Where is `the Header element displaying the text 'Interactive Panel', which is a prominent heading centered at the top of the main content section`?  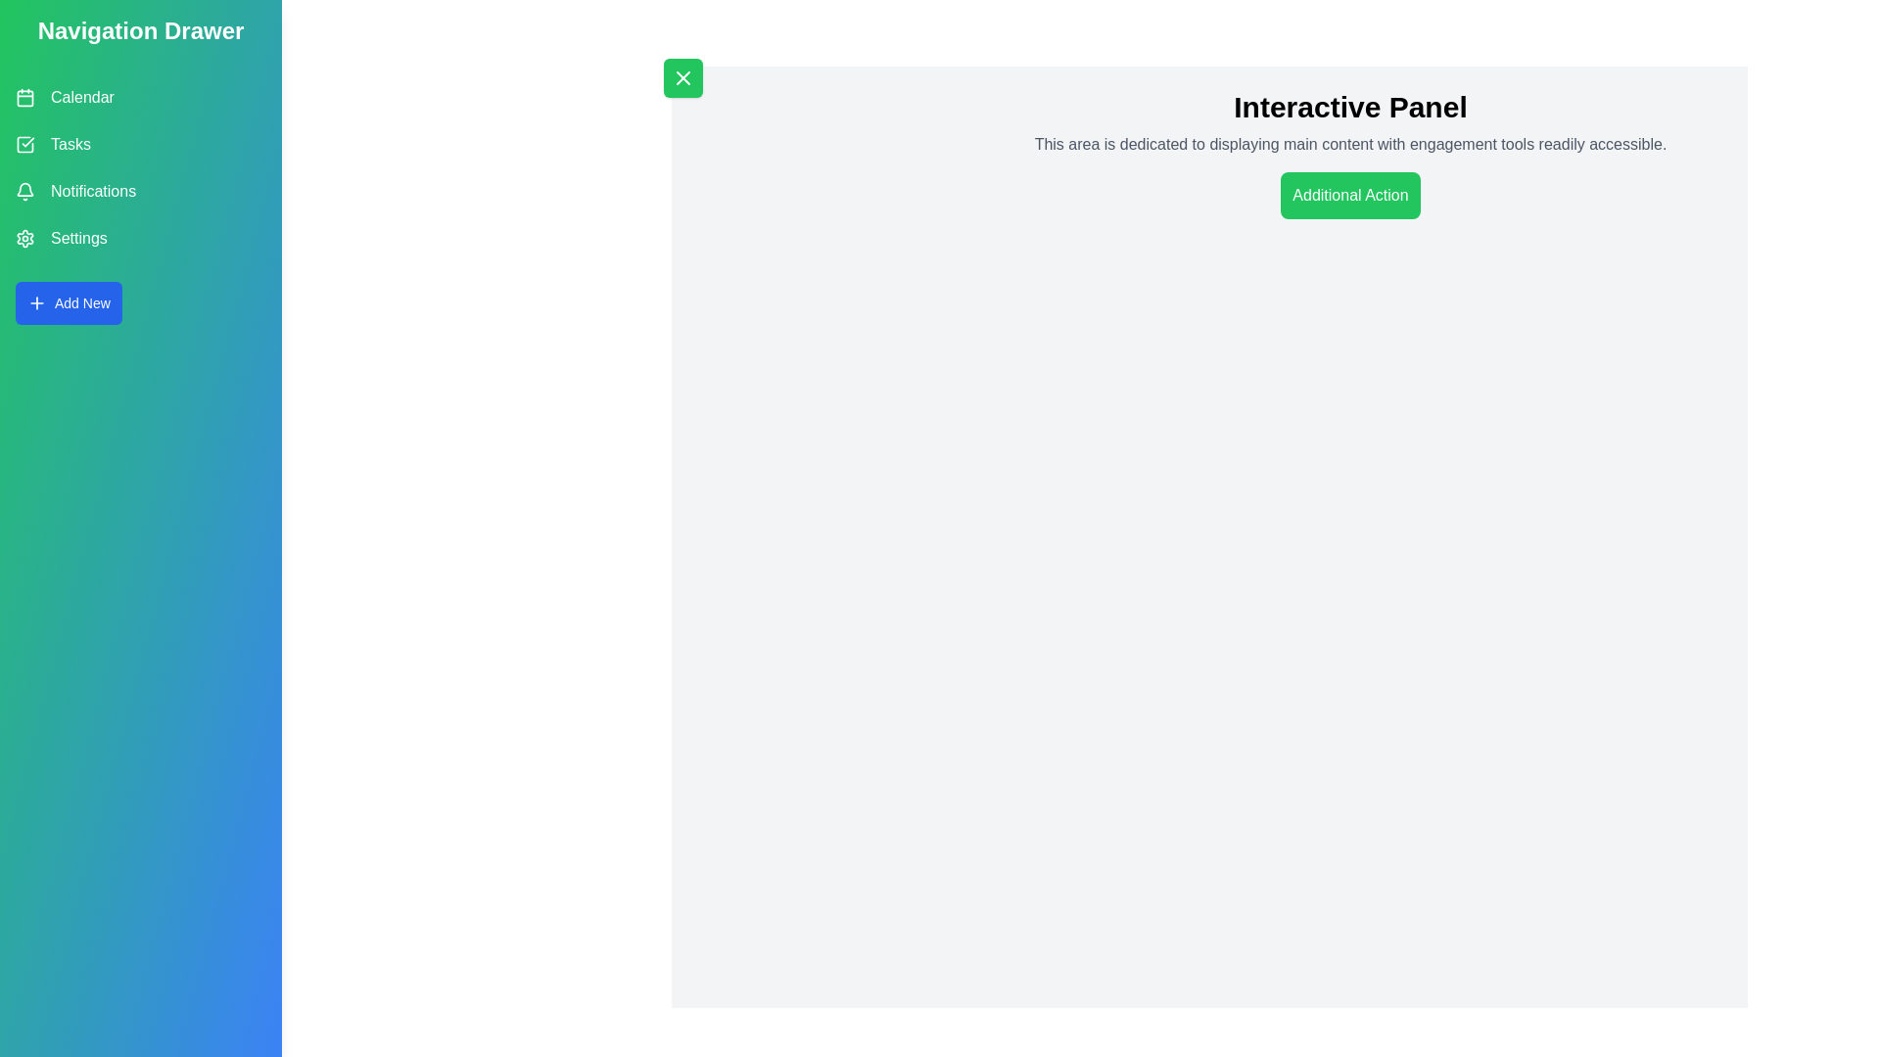 the Header element displaying the text 'Interactive Panel', which is a prominent heading centered at the top of the main content section is located at coordinates (1349, 108).